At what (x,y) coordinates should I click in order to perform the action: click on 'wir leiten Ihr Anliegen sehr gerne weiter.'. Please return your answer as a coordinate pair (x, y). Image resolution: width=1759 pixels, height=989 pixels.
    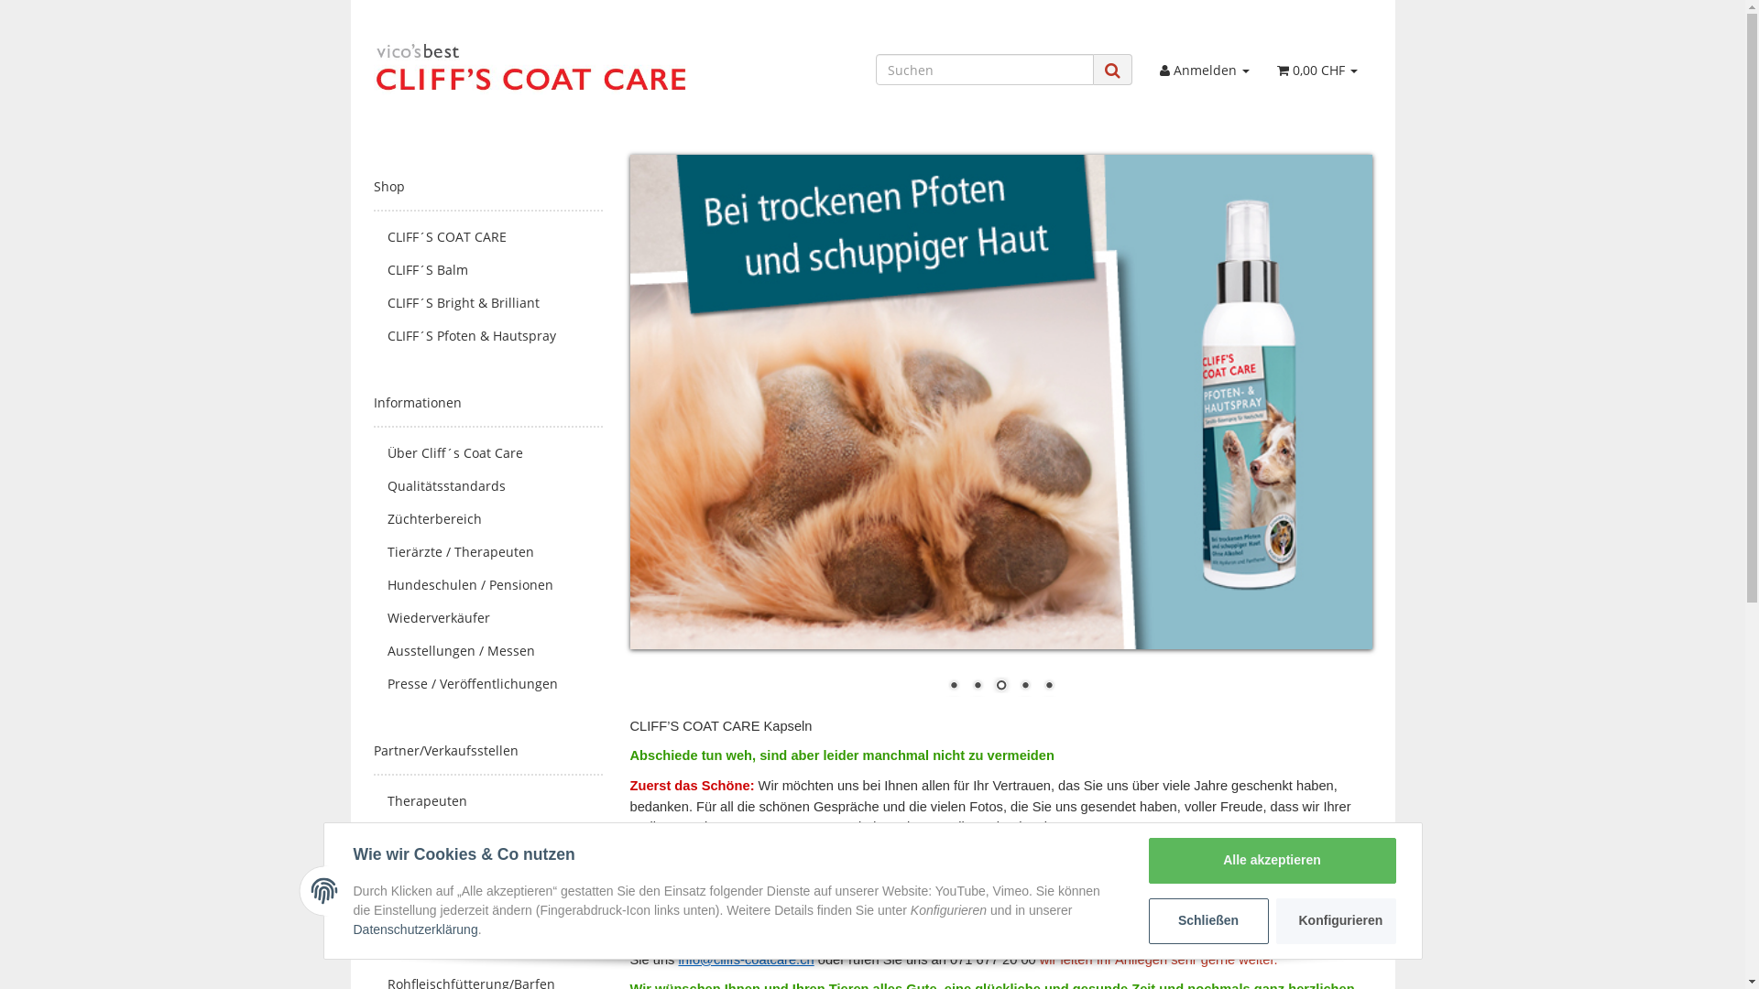
    Looking at the image, I should click on (1158, 959).